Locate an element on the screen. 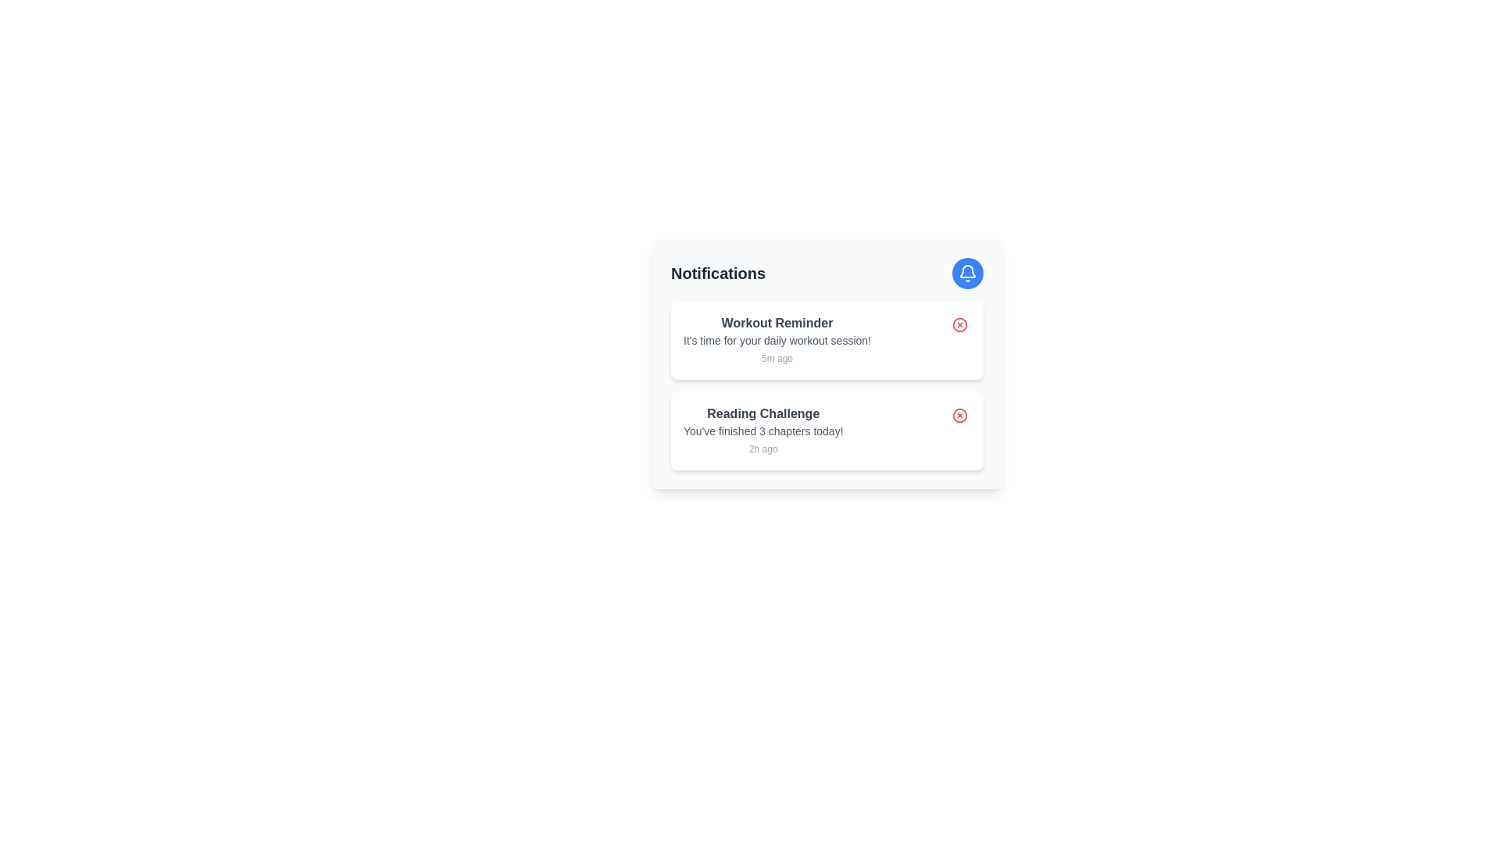 Image resolution: width=1500 pixels, height=844 pixels. the upper part of the notification bell icon, which is centrally positioned within the blue circle on the upper-right corner of the notification panel is located at coordinates (966, 270).